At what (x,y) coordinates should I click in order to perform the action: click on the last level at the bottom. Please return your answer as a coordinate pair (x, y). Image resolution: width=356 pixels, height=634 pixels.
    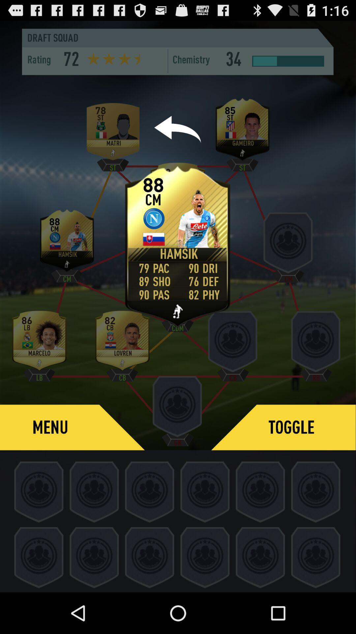
    Looking at the image, I should click on (316, 556).